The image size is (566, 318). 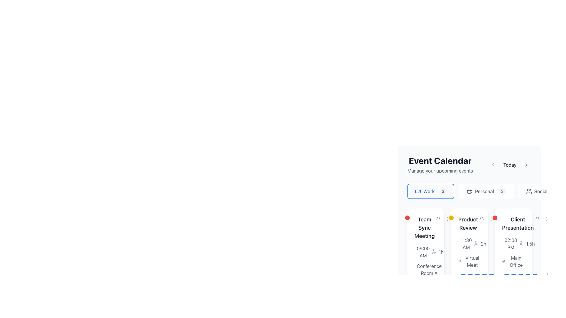 I want to click on the grouped visual indicator with circular shapes representing a group of items or individuals, so click(x=469, y=278).